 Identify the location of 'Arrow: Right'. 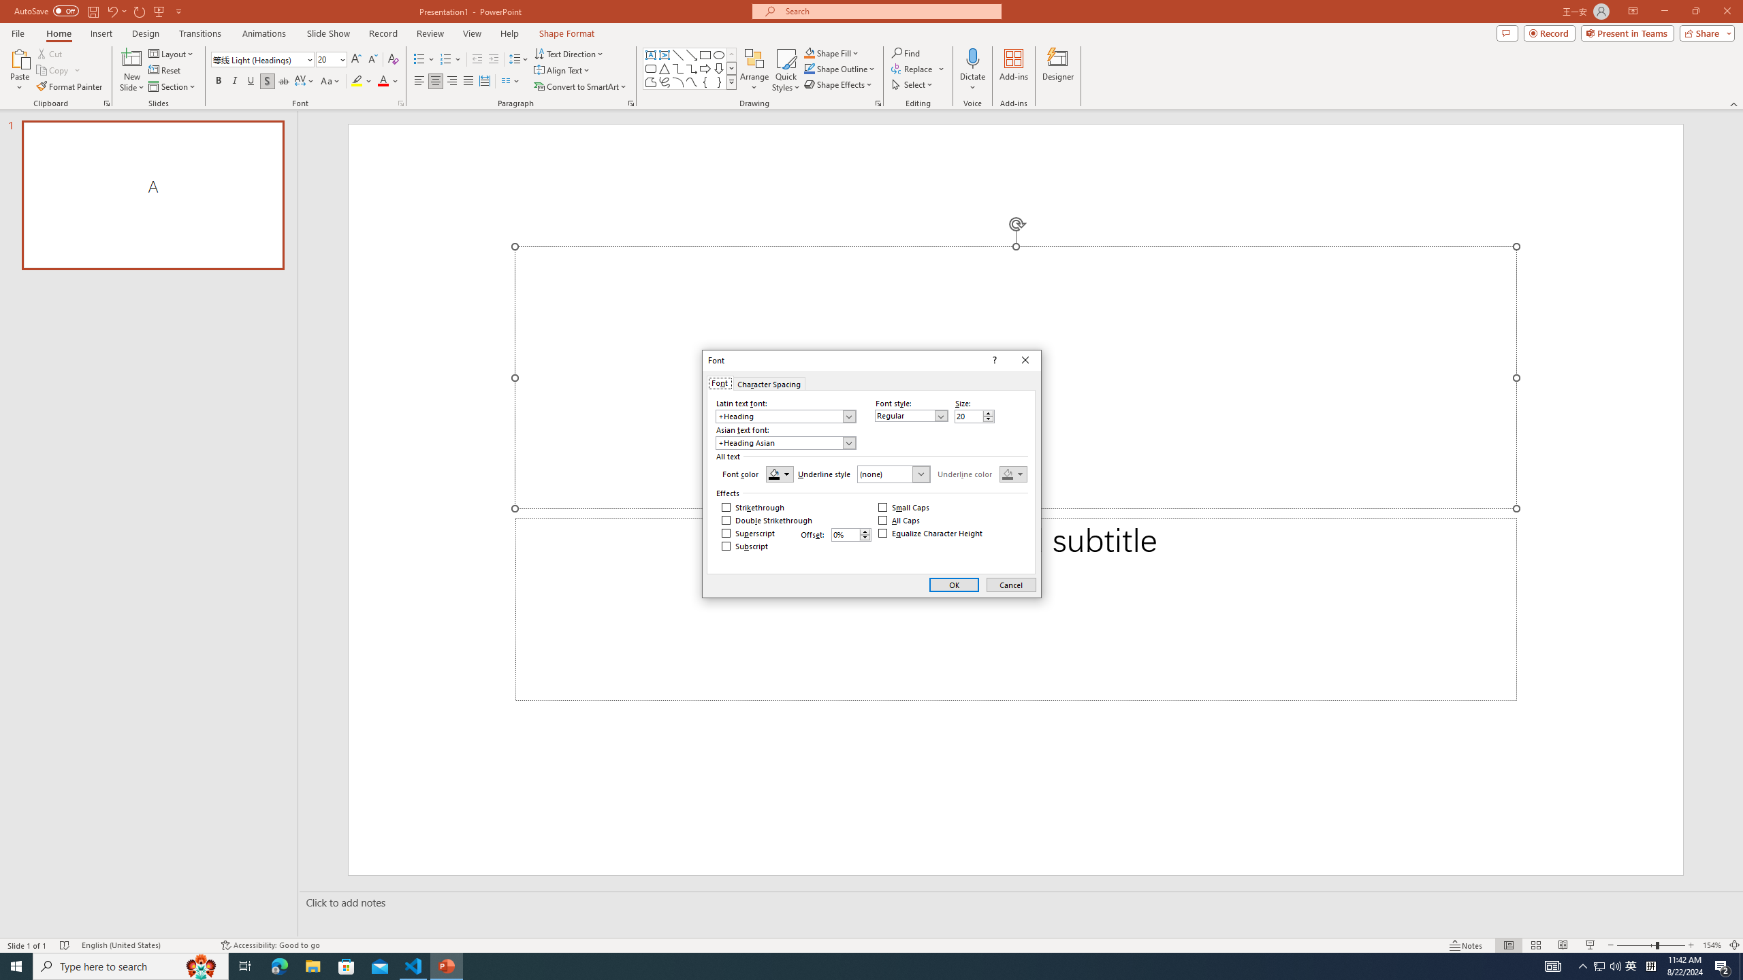
(705, 67).